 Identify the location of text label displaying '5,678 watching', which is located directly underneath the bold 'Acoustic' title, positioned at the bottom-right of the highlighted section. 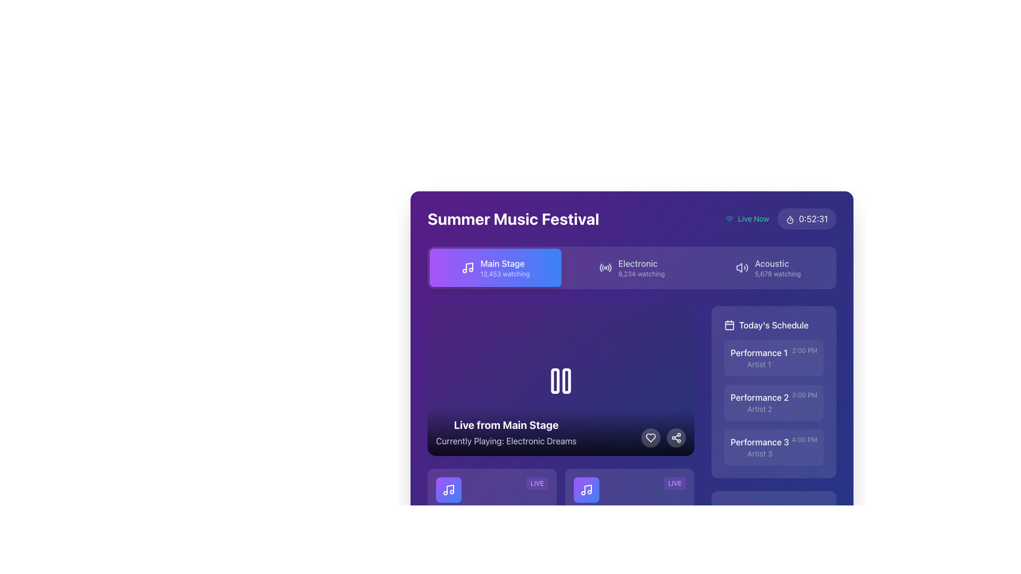
(777, 274).